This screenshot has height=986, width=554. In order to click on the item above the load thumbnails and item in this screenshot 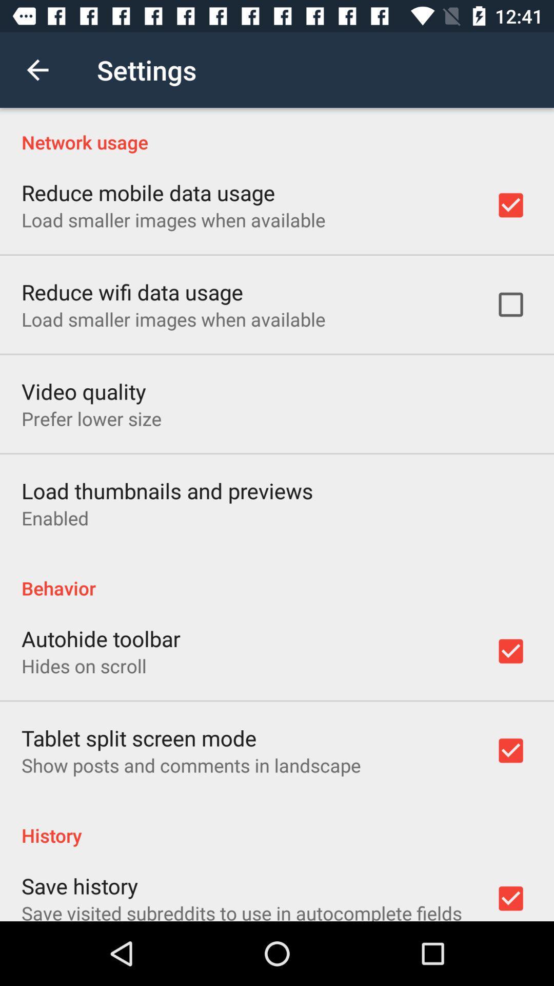, I will do `click(91, 419)`.